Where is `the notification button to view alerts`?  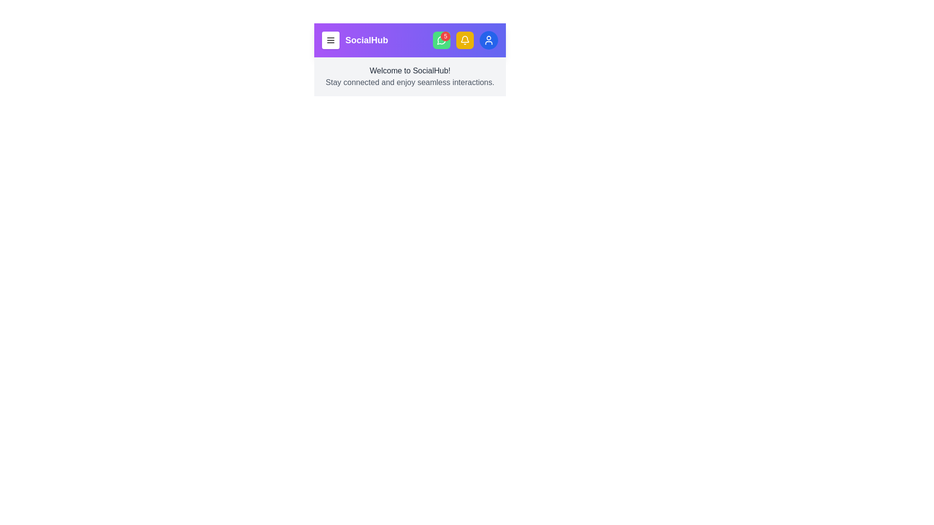 the notification button to view alerts is located at coordinates (464, 40).